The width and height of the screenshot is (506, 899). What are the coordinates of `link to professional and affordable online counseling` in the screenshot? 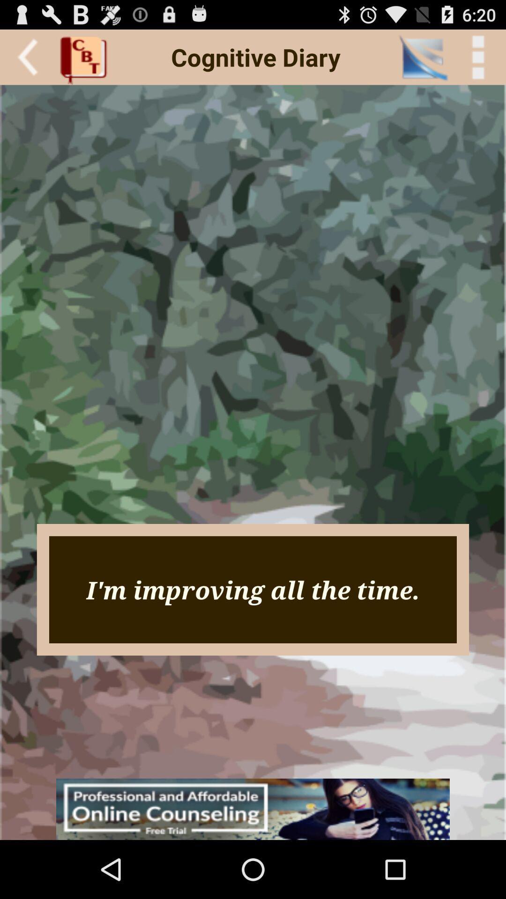 It's located at (253, 809).